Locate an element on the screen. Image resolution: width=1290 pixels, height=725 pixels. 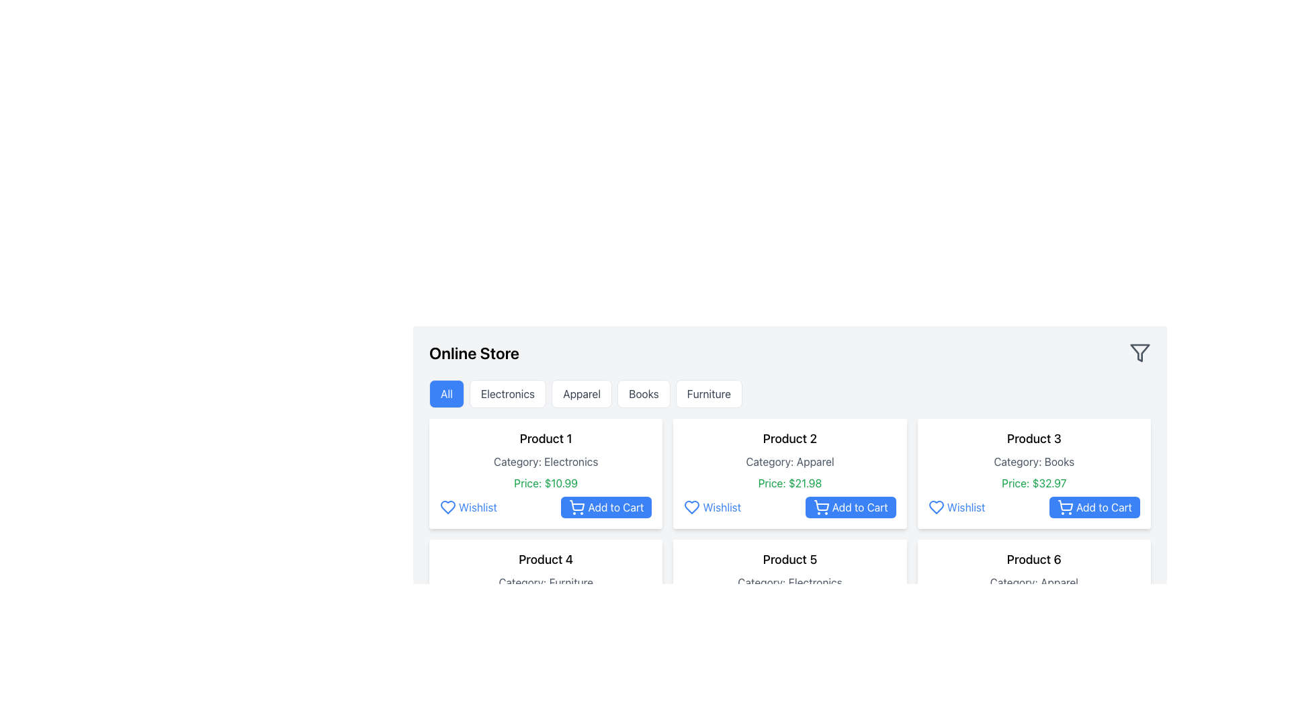
the Text label that serves as the title of the product card, positioned in the second row and third column of the grid is located at coordinates (790, 559).